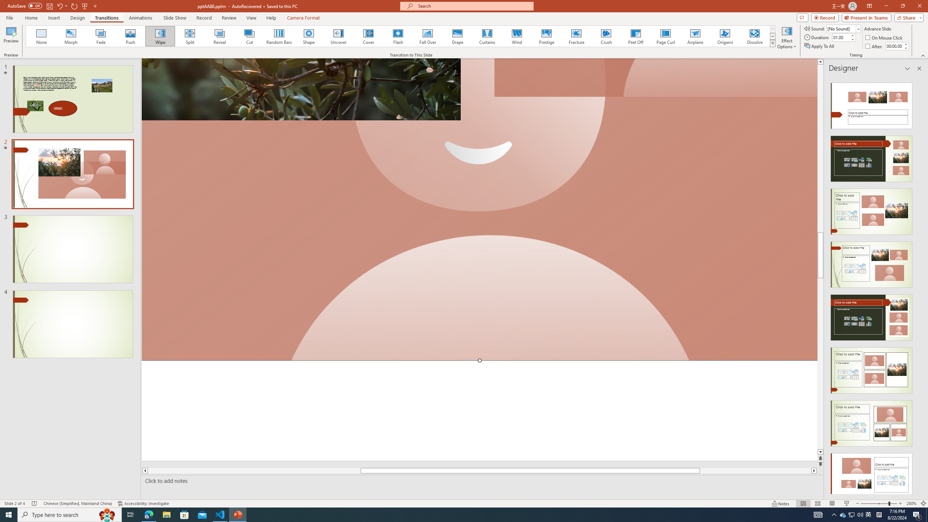  Describe the element at coordinates (78, 18) in the screenshot. I see `'Design'` at that location.